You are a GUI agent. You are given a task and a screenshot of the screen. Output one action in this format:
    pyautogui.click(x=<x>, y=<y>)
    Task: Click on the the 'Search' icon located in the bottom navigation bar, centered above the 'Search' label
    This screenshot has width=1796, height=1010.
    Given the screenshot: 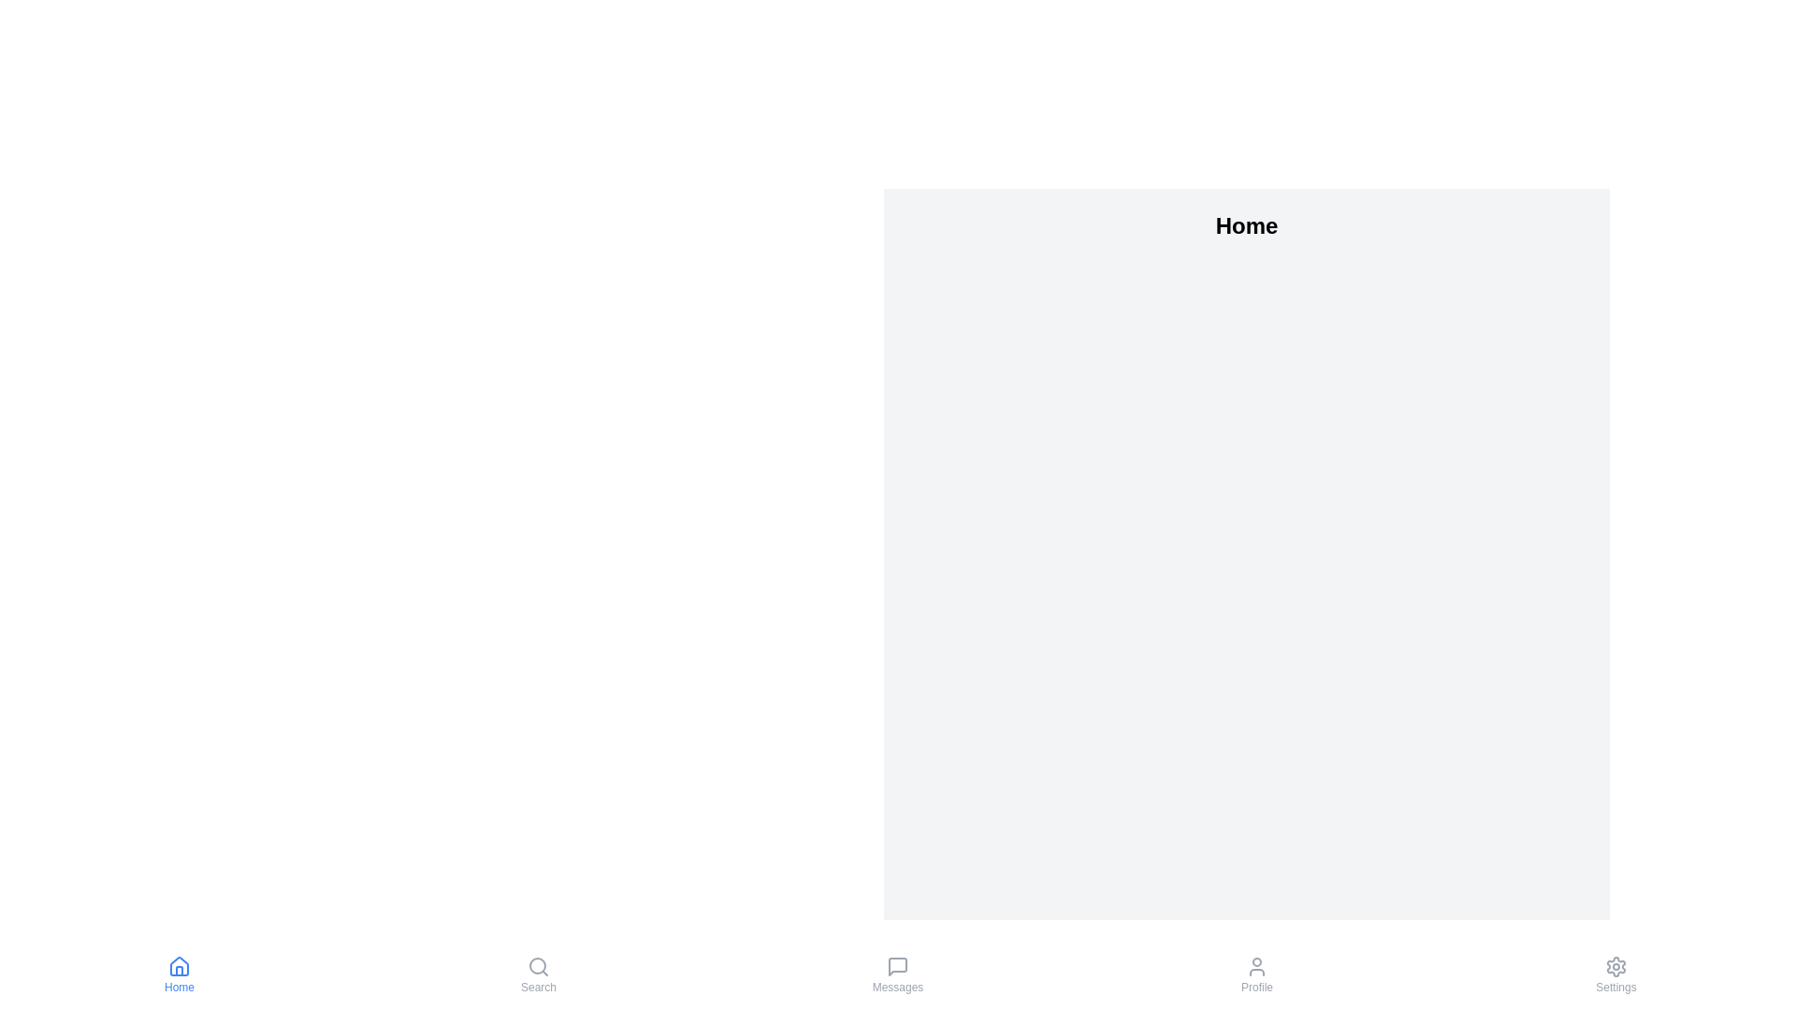 What is the action you would take?
    pyautogui.click(x=538, y=966)
    